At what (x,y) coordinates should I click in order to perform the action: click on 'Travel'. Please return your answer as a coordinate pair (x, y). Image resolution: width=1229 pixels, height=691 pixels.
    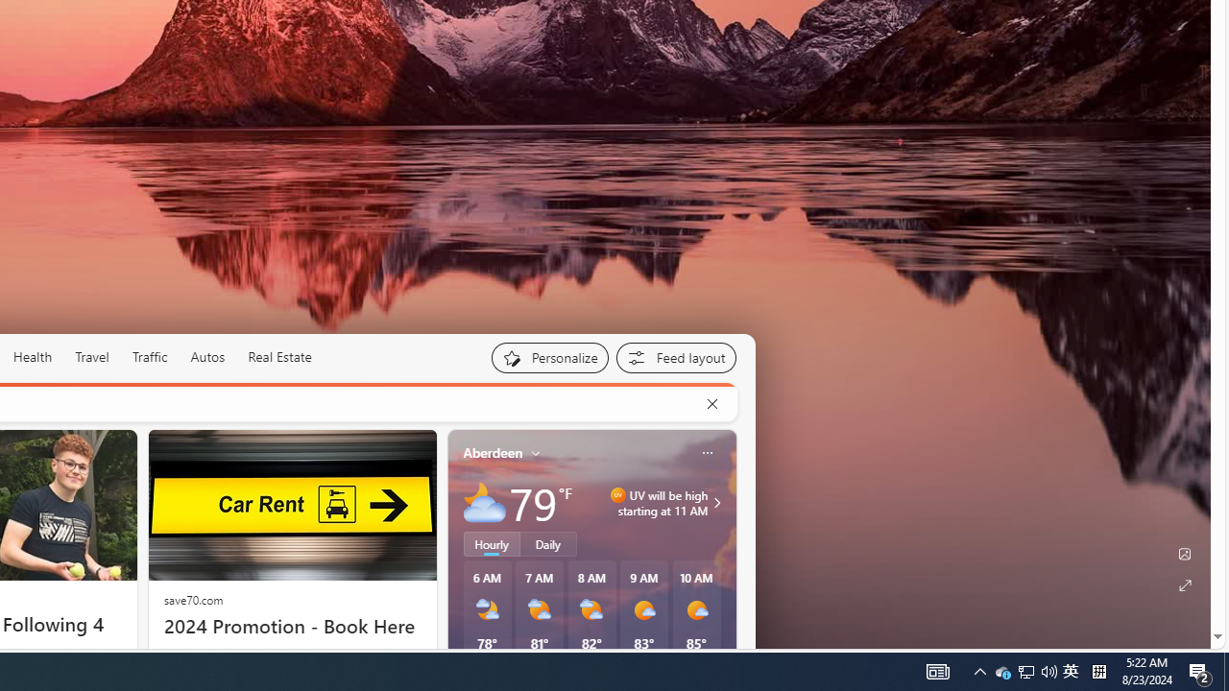
    Looking at the image, I should click on (91, 356).